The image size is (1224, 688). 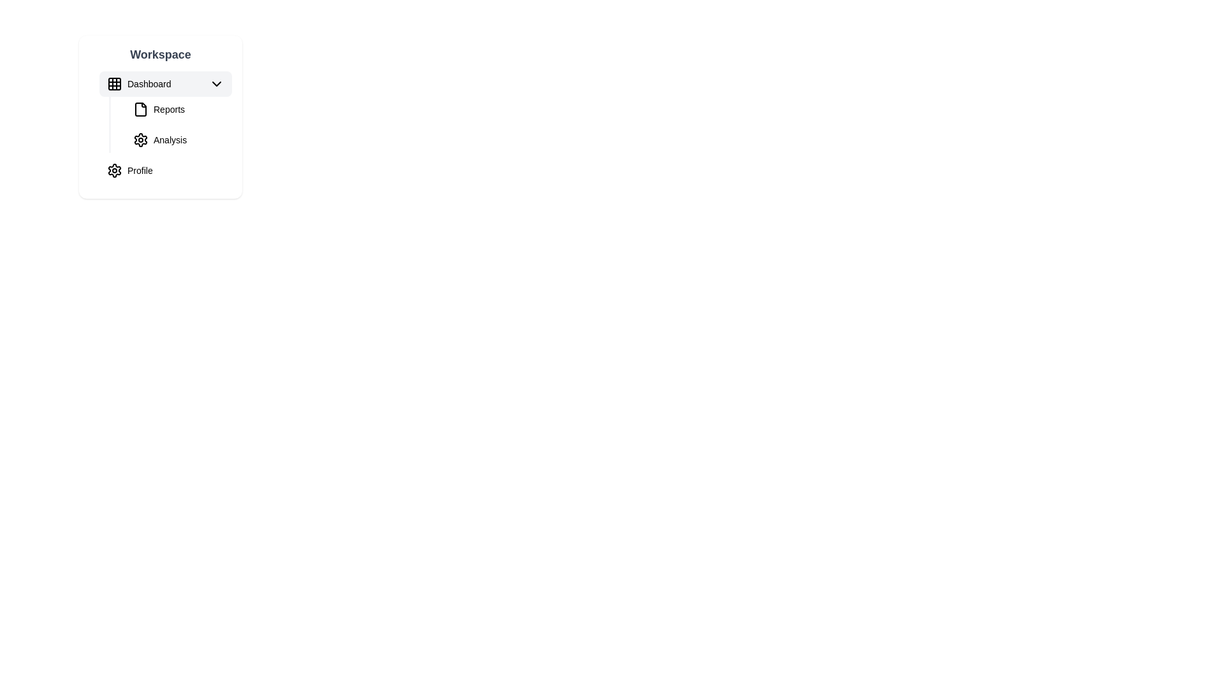 I want to click on the 'Analysis' menu item, which is a rectangular area containing a gear icon and bold text, located under the 'Workspace' section in the dropdown menu, so click(x=178, y=140).